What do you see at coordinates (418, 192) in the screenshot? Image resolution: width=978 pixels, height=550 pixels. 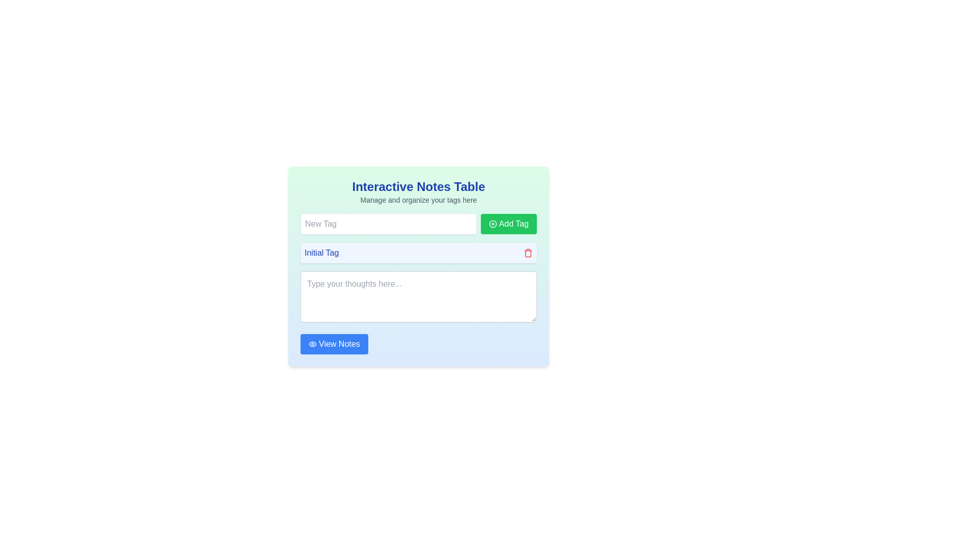 I see `the label displaying 'Interactive Notes Table' with subtext 'Manage and organize your tags here', which is prominently positioned at the top of the card` at bounding box center [418, 192].